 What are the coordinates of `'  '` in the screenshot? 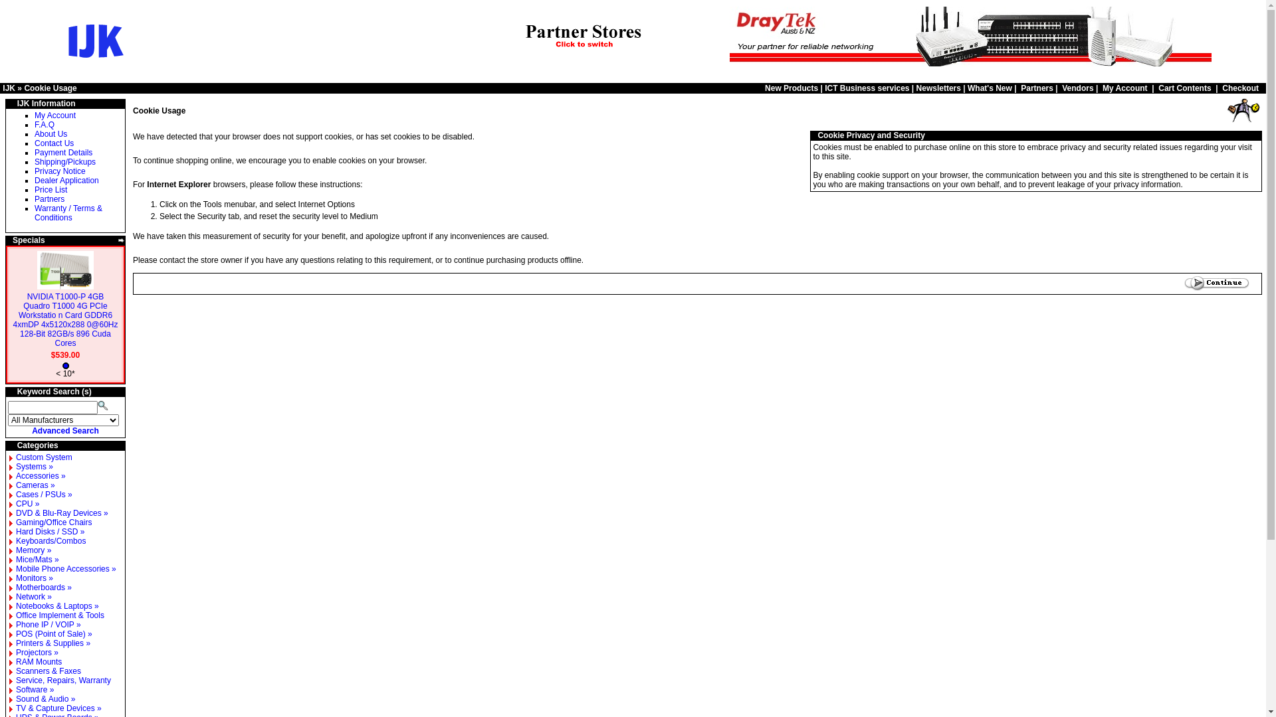 It's located at (1257, 135).